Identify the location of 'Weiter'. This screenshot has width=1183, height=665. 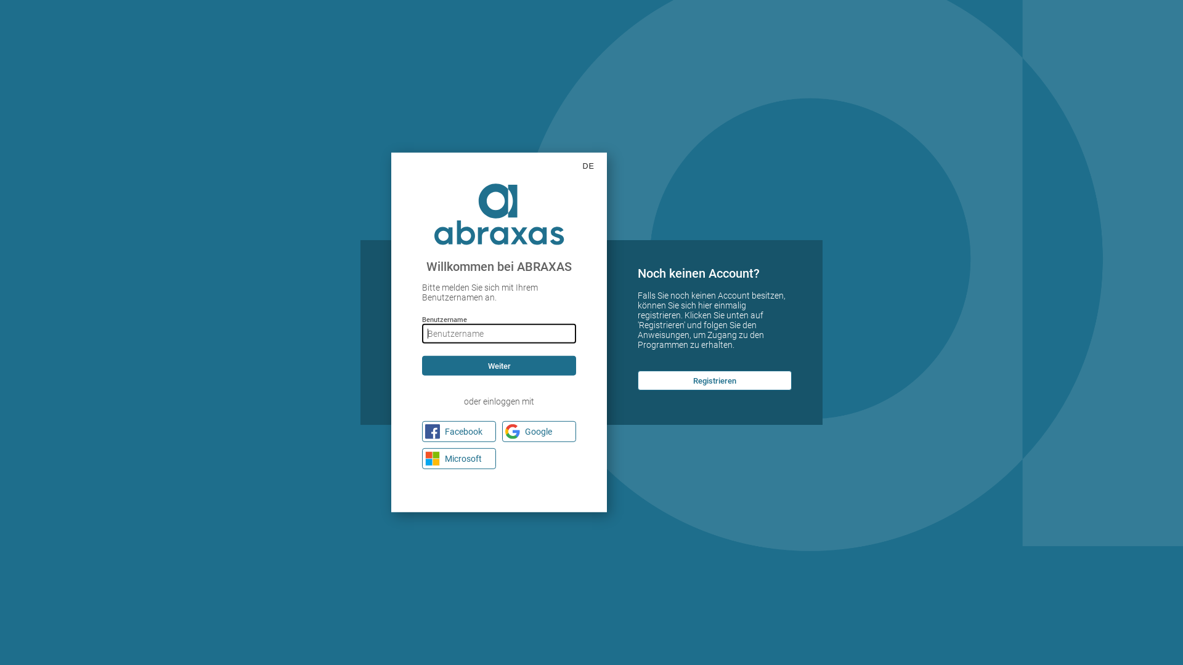
(499, 365).